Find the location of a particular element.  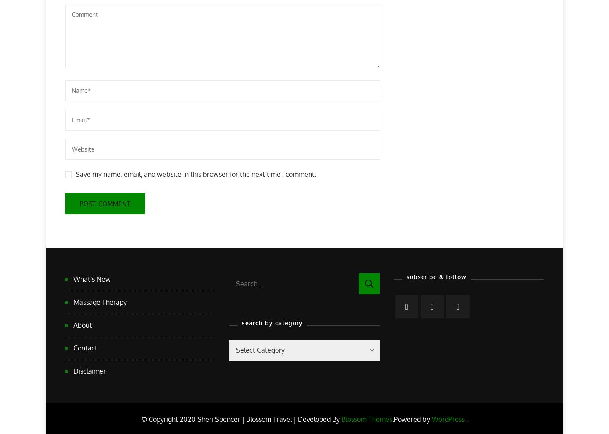

'What’s New' is located at coordinates (92, 279).